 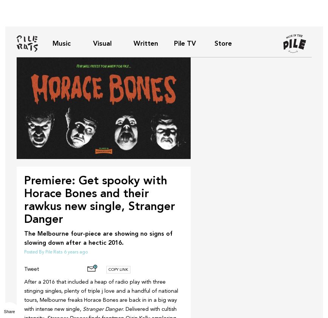 I want to click on 'Visual', so click(x=102, y=43).